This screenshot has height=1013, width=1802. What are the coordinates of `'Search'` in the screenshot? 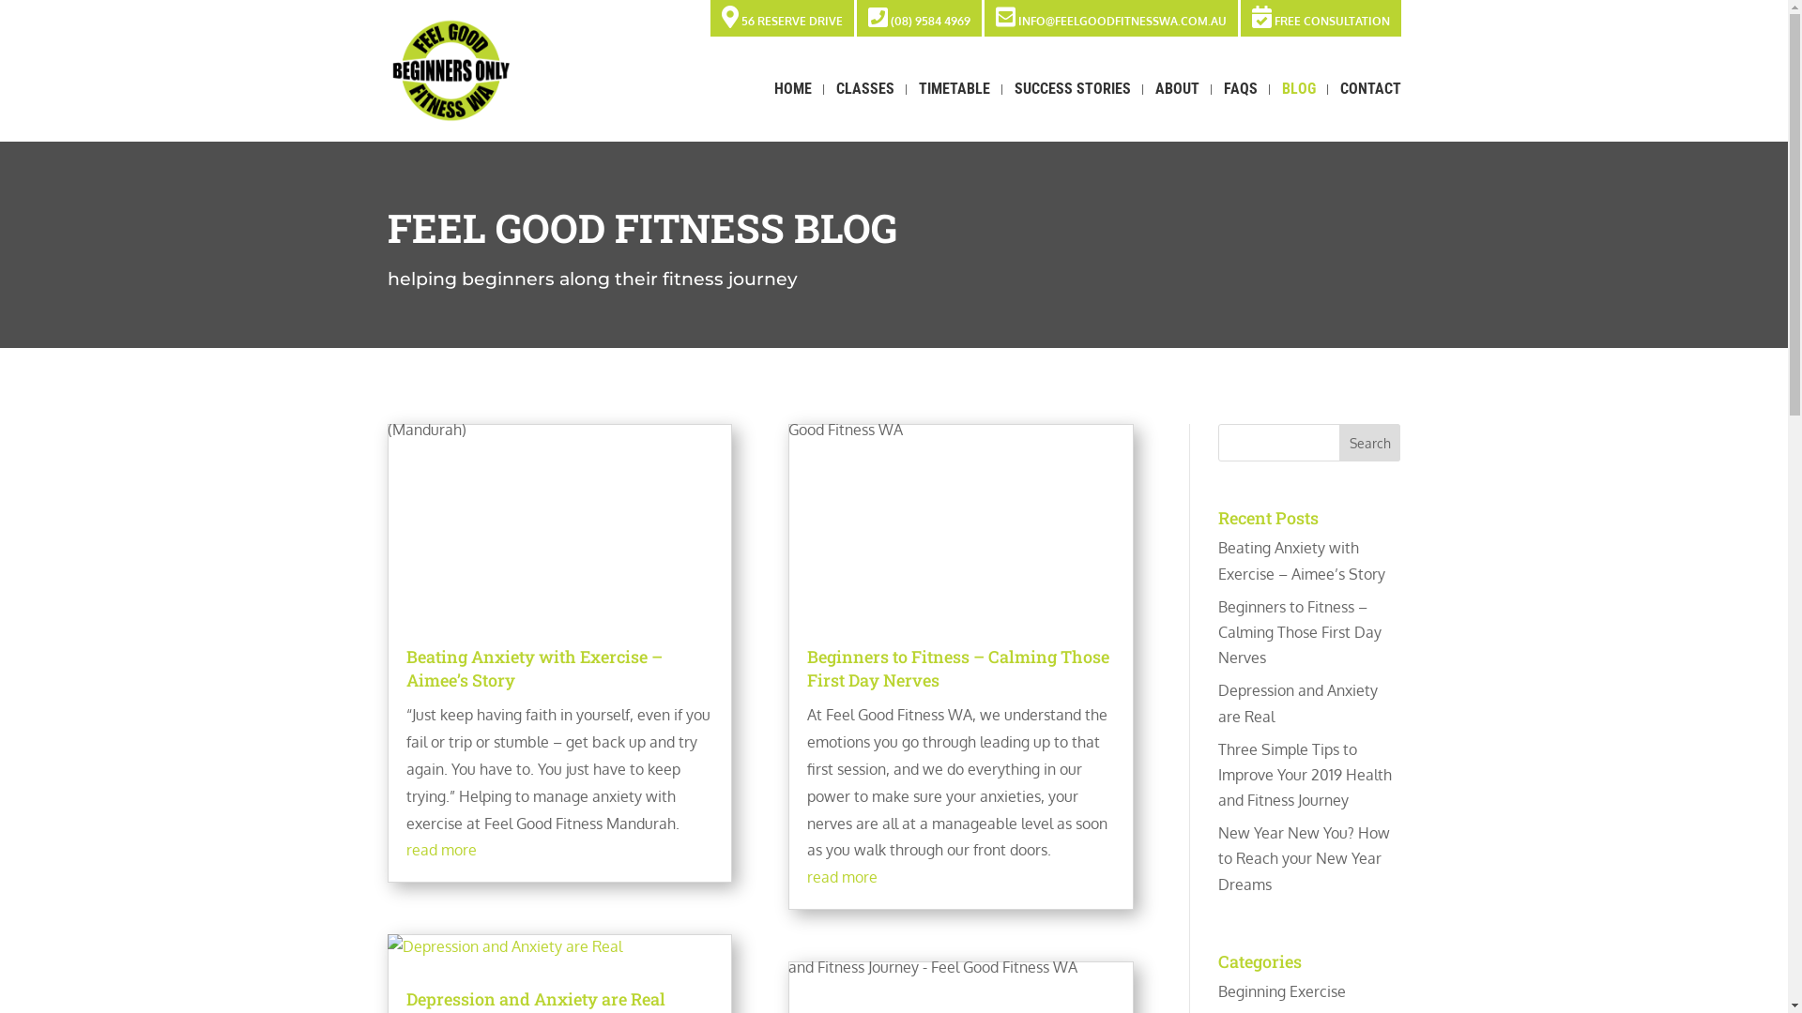 It's located at (1369, 442).